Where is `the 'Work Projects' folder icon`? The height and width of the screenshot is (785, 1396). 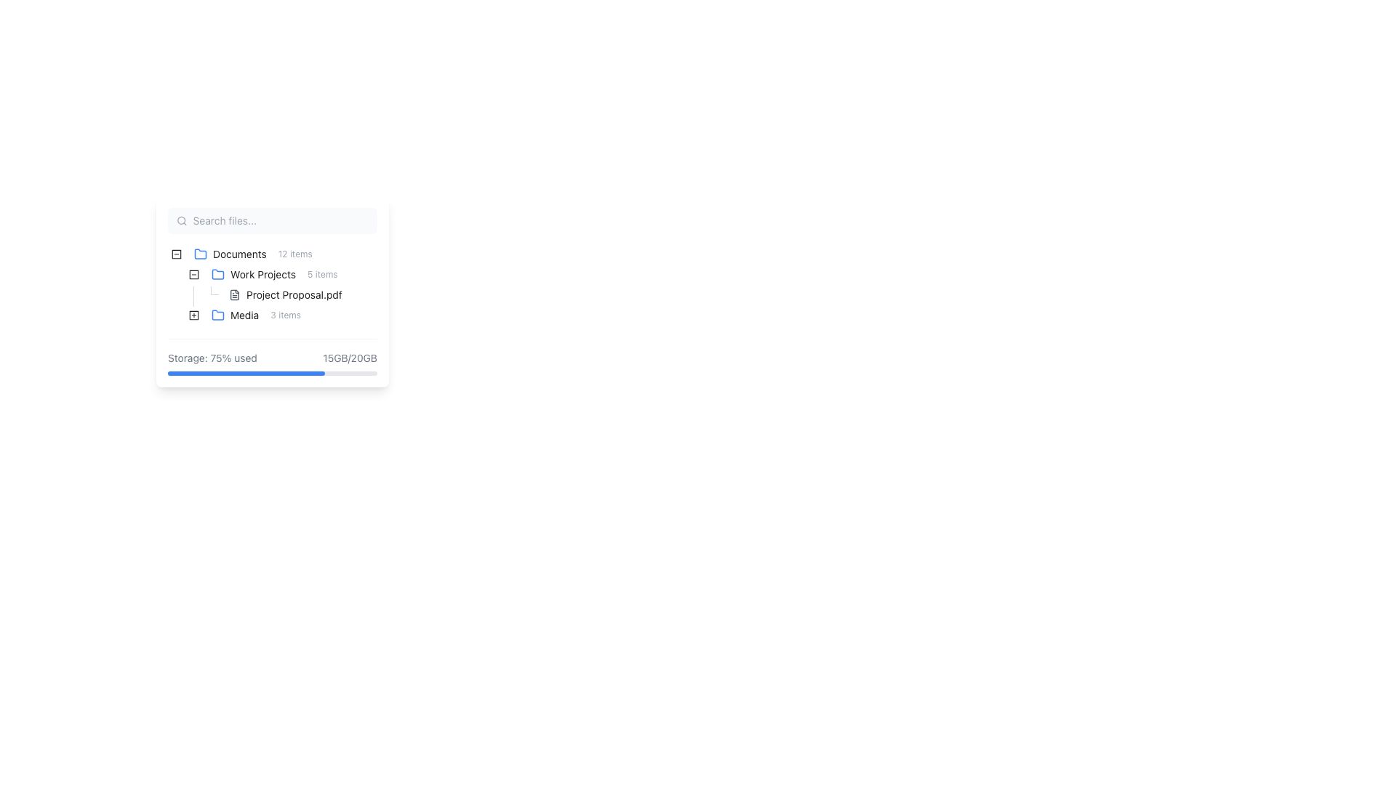 the 'Work Projects' folder icon is located at coordinates (217, 274).